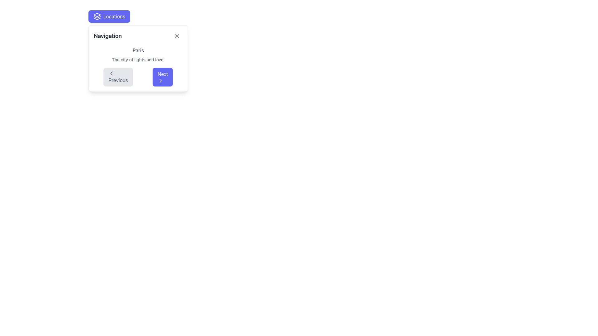 The image size is (598, 336). I want to click on the 'Locations' button, which is a rounded rectangle with a vibrant indigo background and white text, so click(109, 16).